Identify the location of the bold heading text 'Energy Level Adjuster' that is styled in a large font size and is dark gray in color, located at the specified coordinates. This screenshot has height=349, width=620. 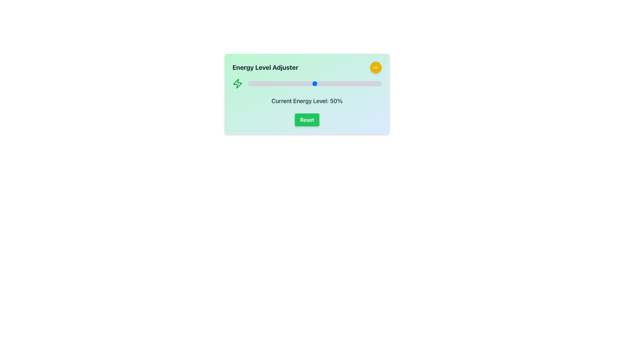
(265, 67).